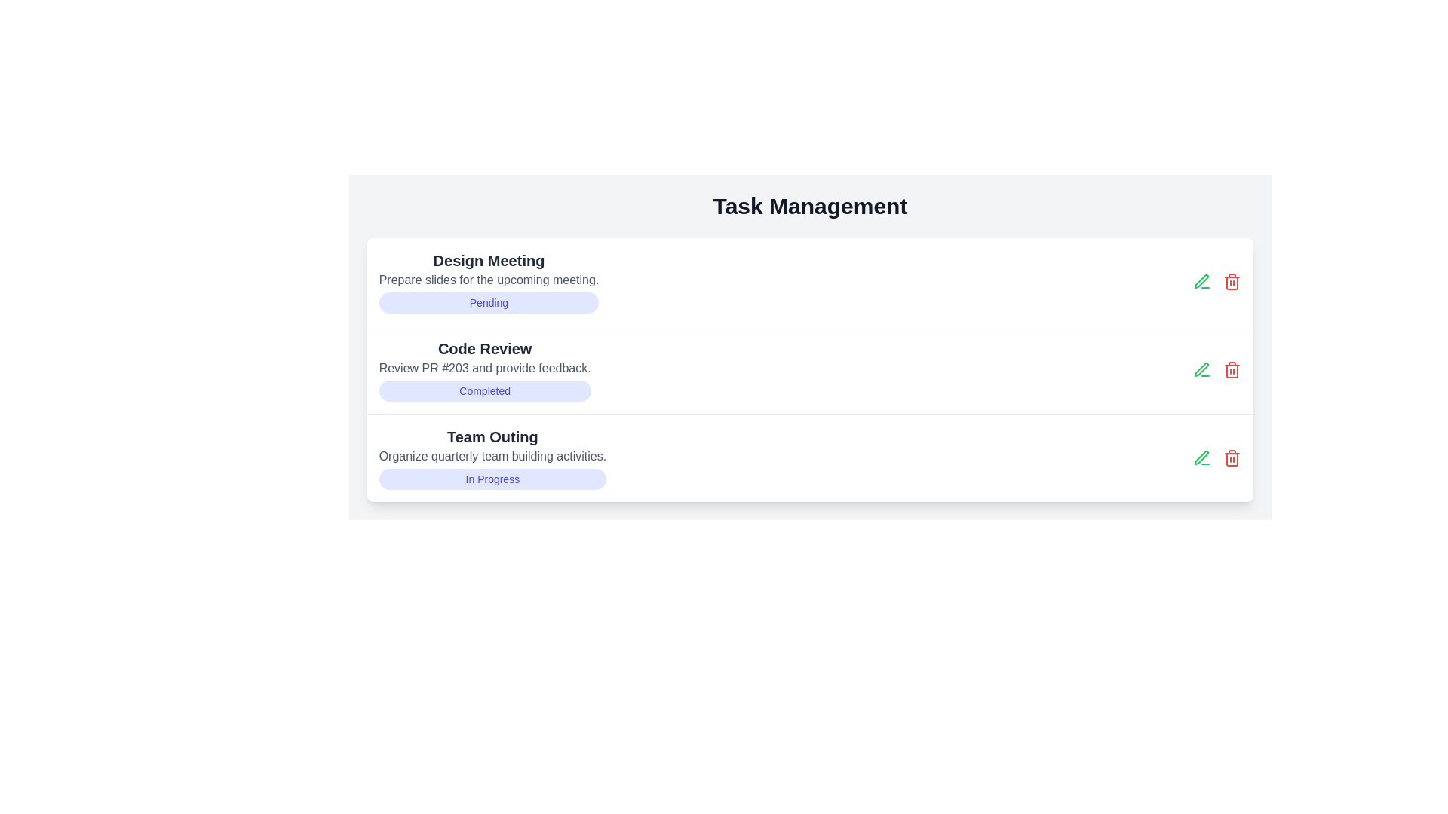  I want to click on the 'Code Review' text label, which is bold and larger in font size, located between 'Design Meeting' and 'Team Outing' sections in the 'Task Management' interface, so click(485, 348).